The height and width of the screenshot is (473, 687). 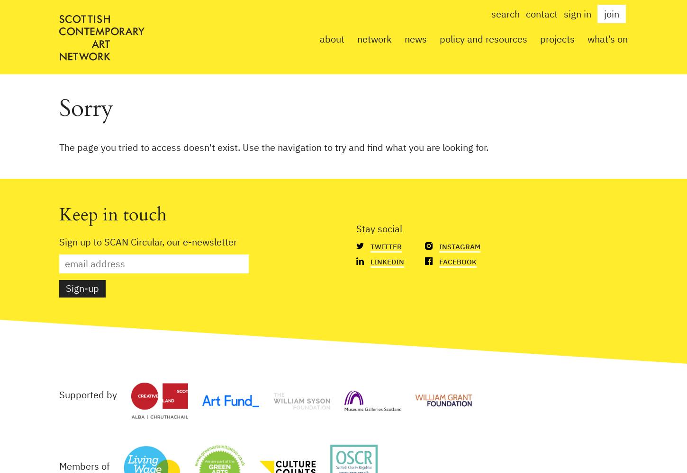 What do you see at coordinates (460, 246) in the screenshot?
I see `'Instagram'` at bounding box center [460, 246].